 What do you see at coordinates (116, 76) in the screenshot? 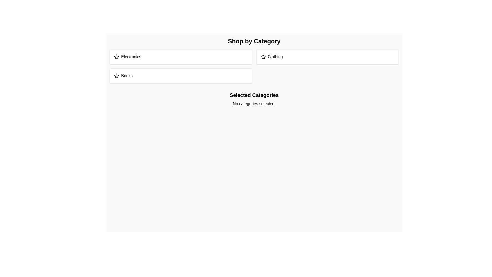
I see `the star icon representing a hollow five-pointed star located to the left of the 'Books' text label in the second row of the category list` at bounding box center [116, 76].